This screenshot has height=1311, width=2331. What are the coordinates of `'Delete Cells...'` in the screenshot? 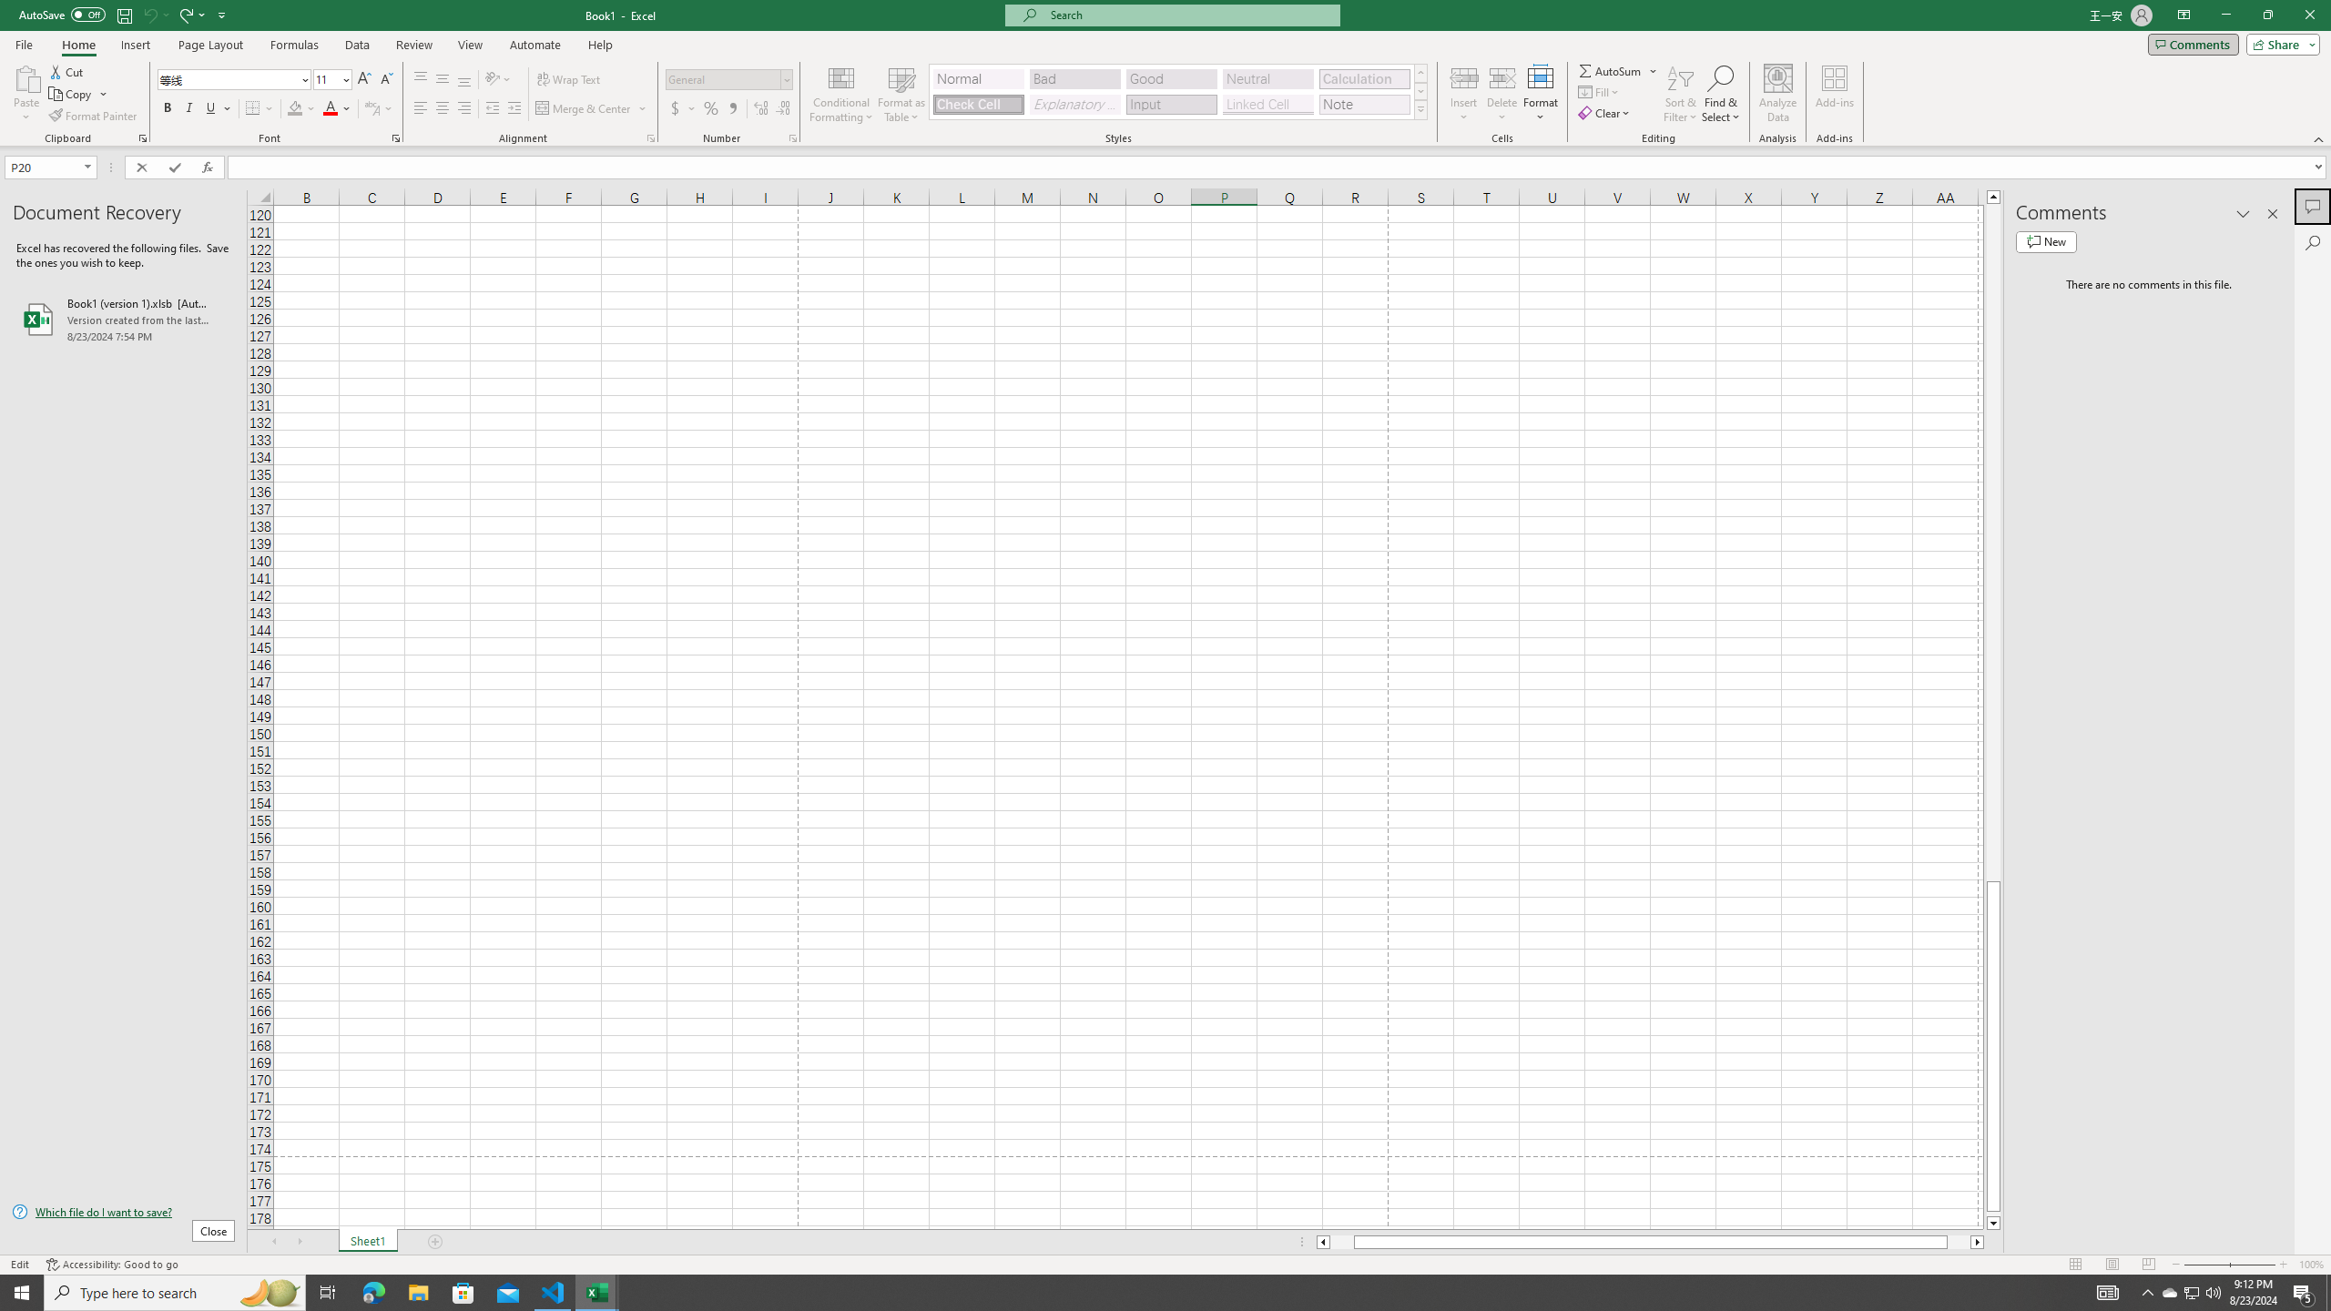 It's located at (1501, 76).